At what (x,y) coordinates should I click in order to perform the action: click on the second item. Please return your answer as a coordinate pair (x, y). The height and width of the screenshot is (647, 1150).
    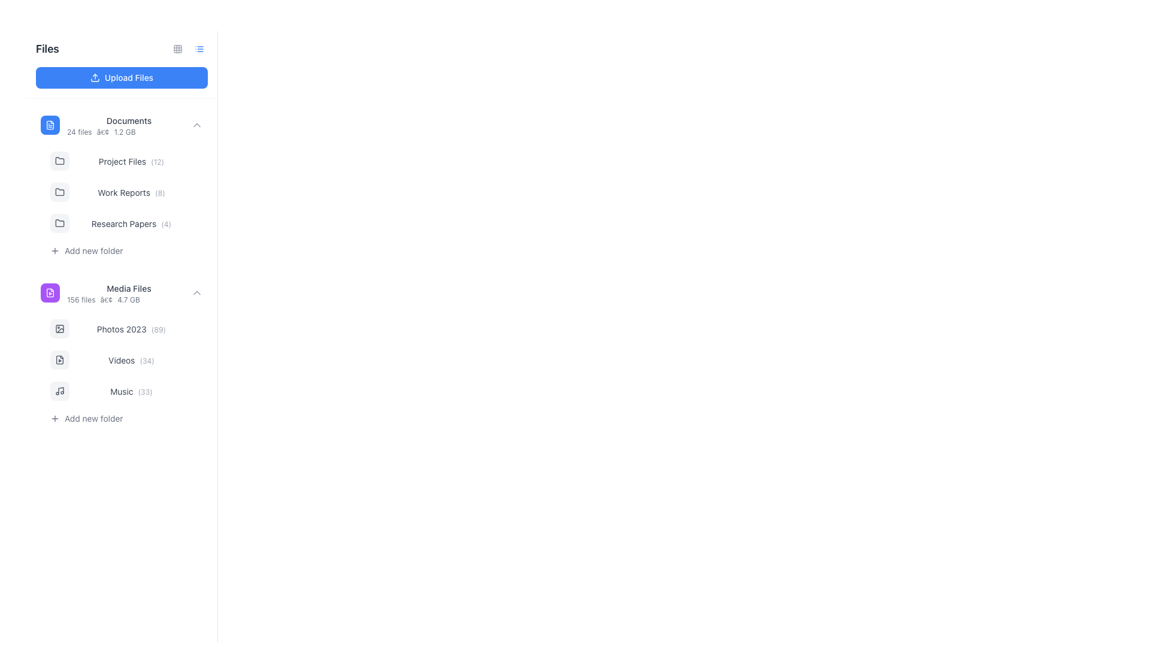
    Looking at the image, I should click on (126, 371).